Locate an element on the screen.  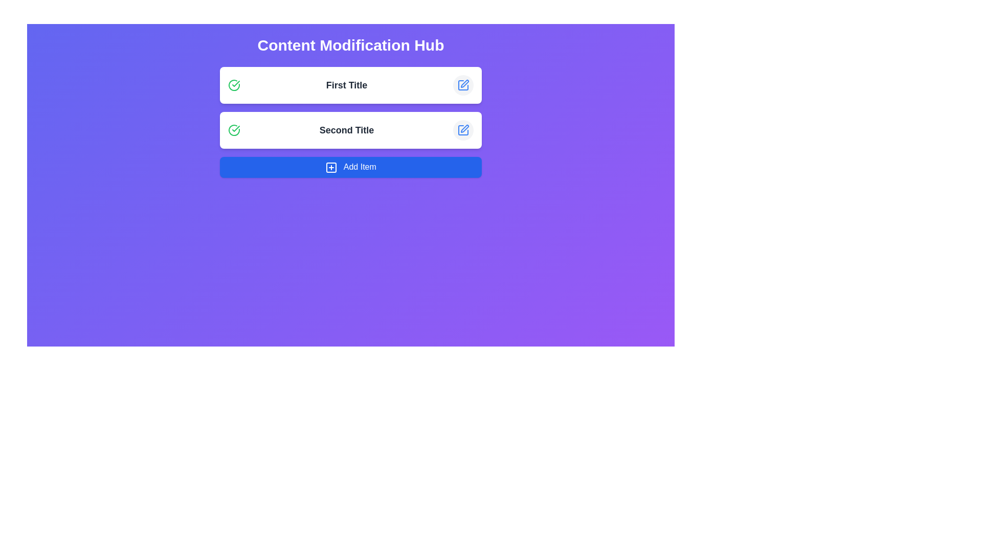
the button at the bottom of the vertical arrangement that triggers the action of adding a new item or entry, as indicated by its label and icon is located at coordinates (351, 167).